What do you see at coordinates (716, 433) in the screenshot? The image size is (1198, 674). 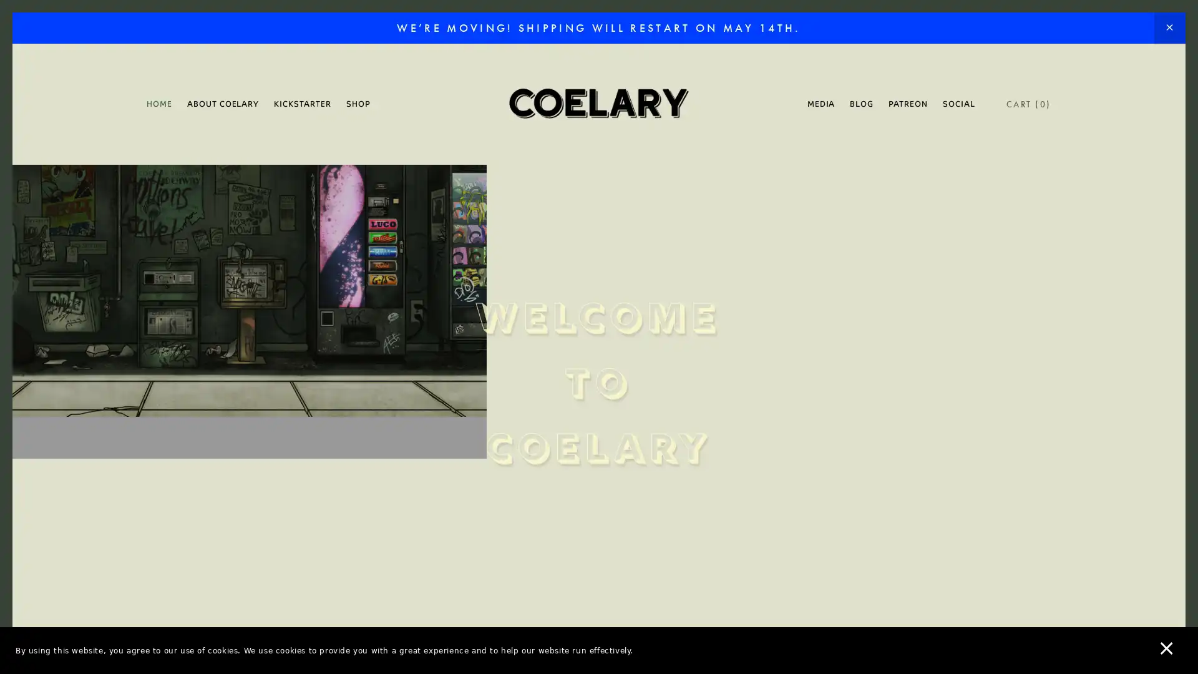 I see `Subscribe` at bounding box center [716, 433].